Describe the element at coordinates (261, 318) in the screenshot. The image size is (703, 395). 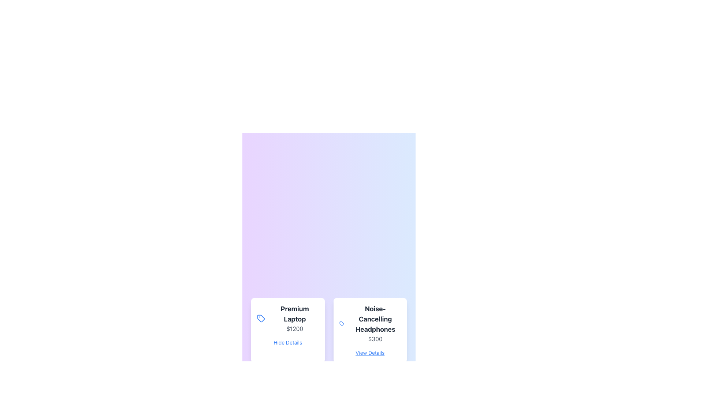
I see `the decorative icon for 'Premium Laptop' located to the left of the text within the card element displaying the price '$1200'` at that location.